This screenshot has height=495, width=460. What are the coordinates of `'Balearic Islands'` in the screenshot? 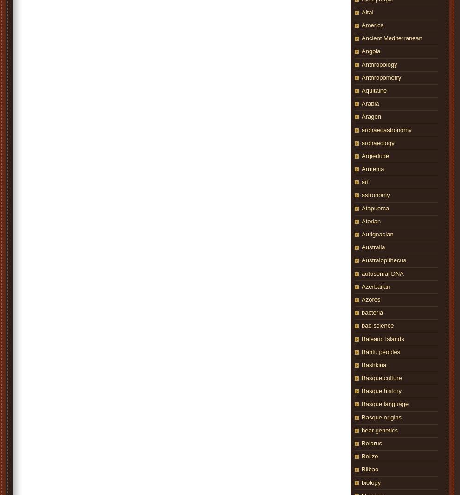 It's located at (383, 338).